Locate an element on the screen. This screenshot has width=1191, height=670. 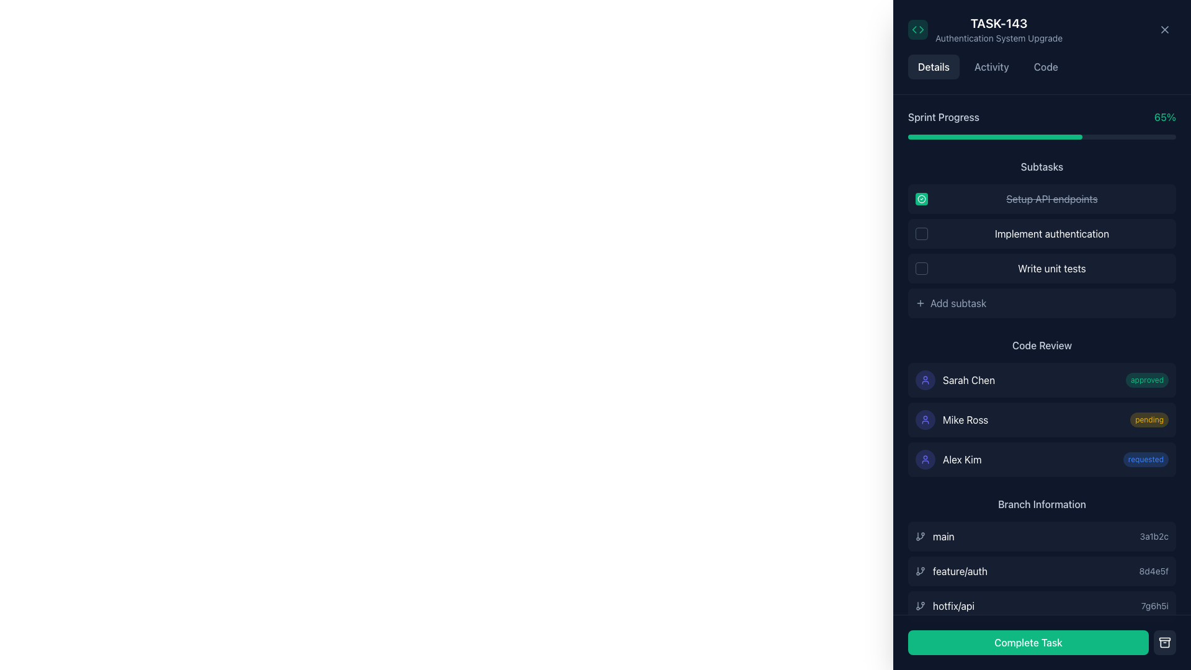
the center of the second entry in the task review list within the 'Code Review' section to interact with it is located at coordinates (1042, 419).